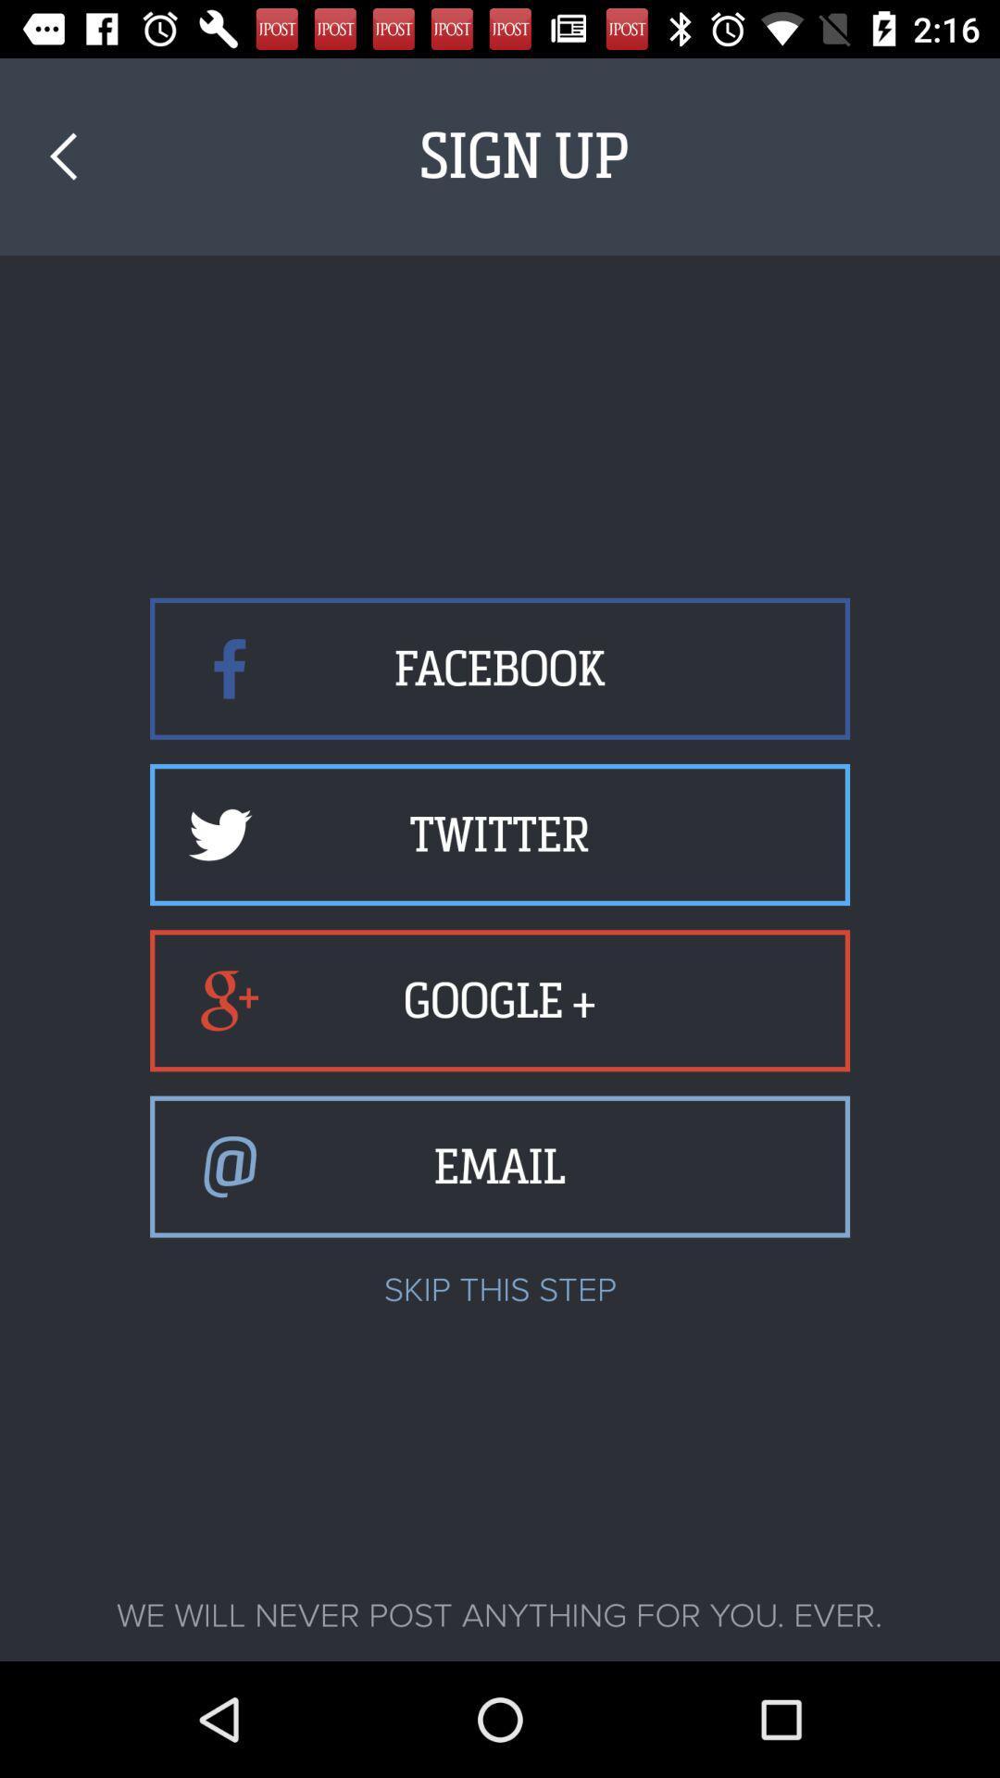  I want to click on item above the we will never icon, so click(62, 157).